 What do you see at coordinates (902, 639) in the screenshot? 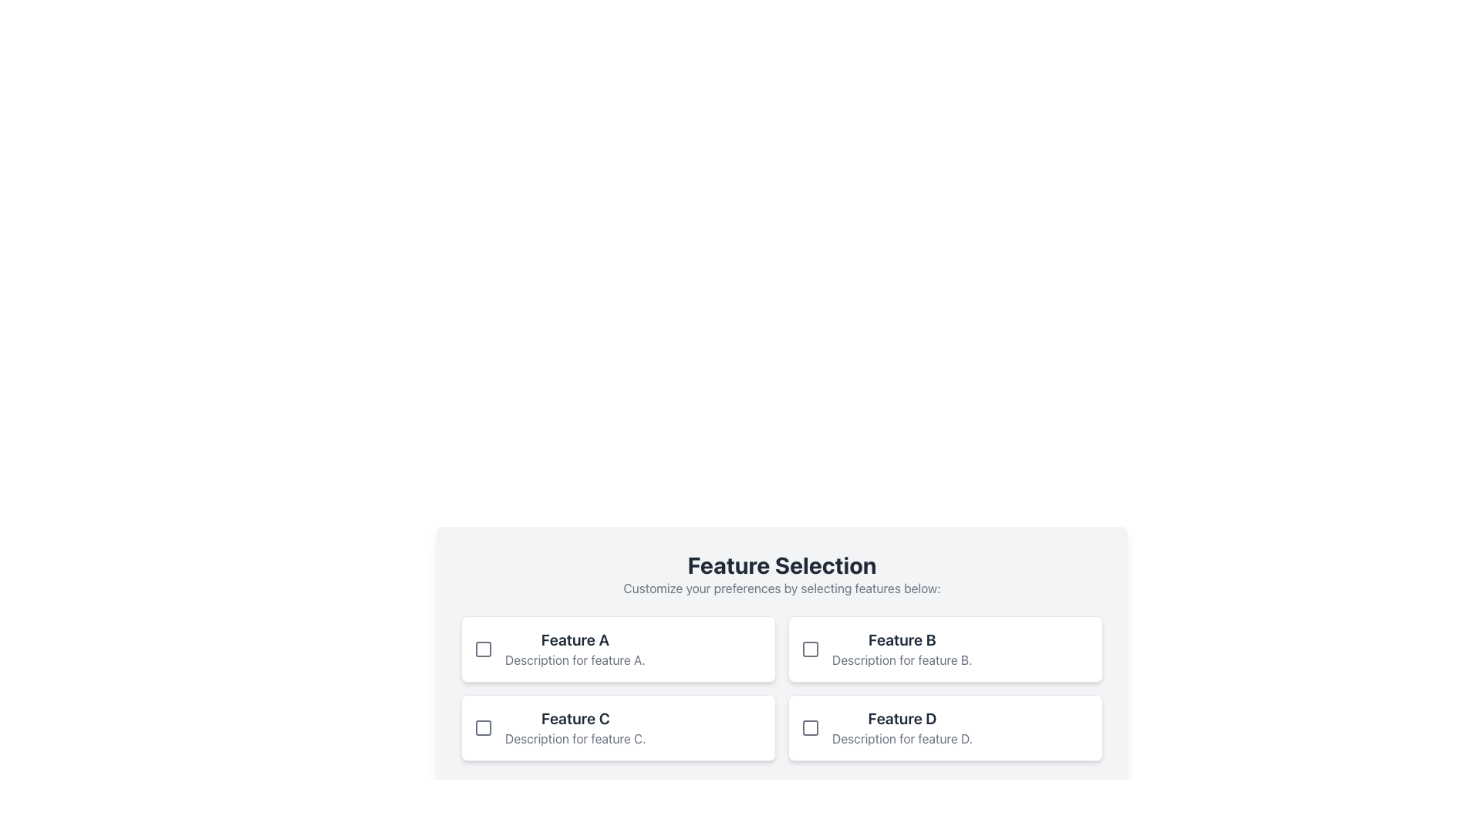
I see `text from the heading label of the 'Feature B' card located in the second column of the first row under the 'Feature Selection' section` at bounding box center [902, 639].